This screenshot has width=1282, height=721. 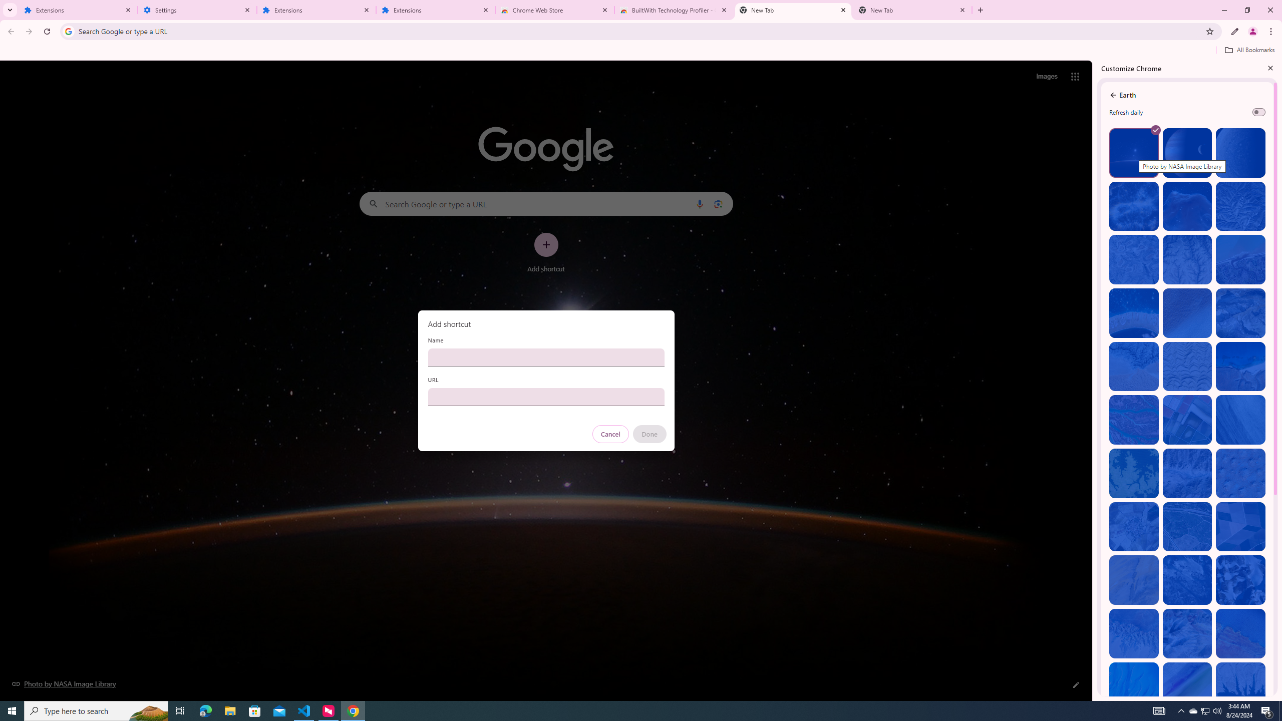 What do you see at coordinates (674, 10) in the screenshot?
I see `'BuiltWith Technology Profiler - Chrome Web Store'` at bounding box center [674, 10].